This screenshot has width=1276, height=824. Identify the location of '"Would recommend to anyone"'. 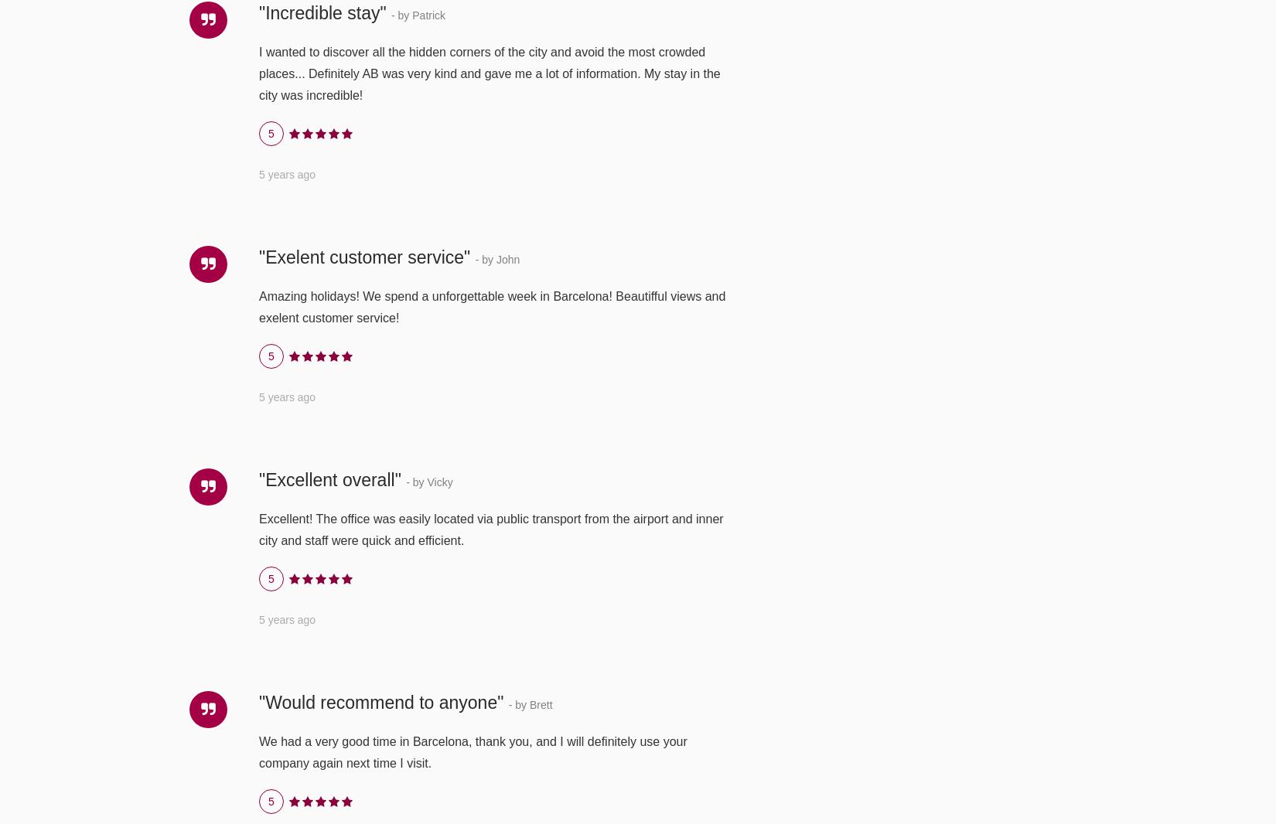
(382, 702).